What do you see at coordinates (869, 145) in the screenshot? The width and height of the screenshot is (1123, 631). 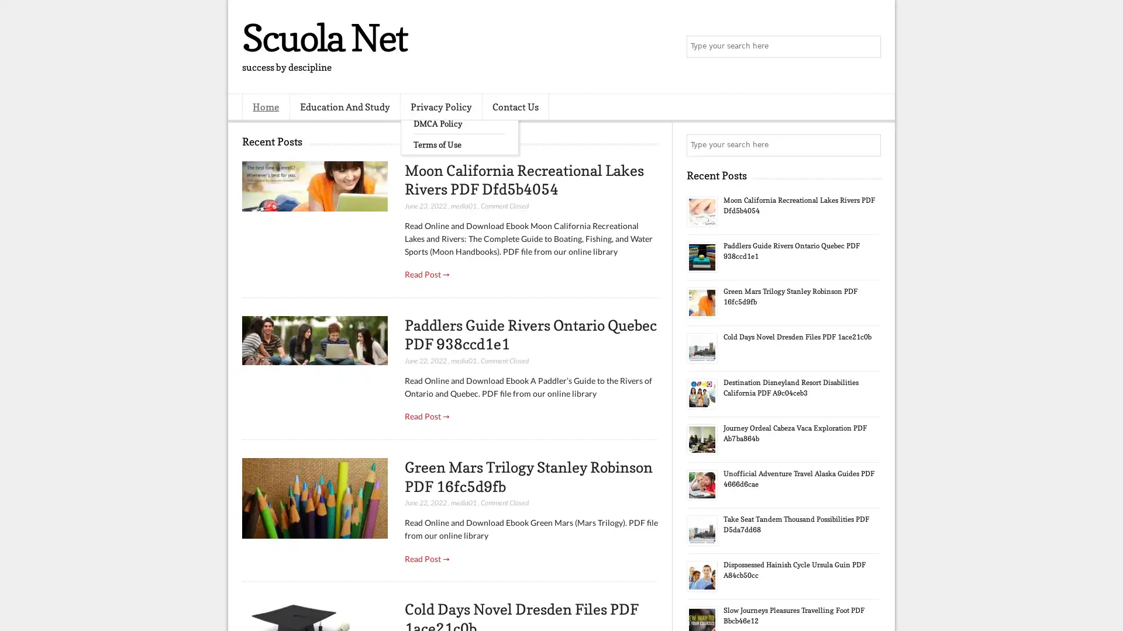 I see `Search` at bounding box center [869, 145].